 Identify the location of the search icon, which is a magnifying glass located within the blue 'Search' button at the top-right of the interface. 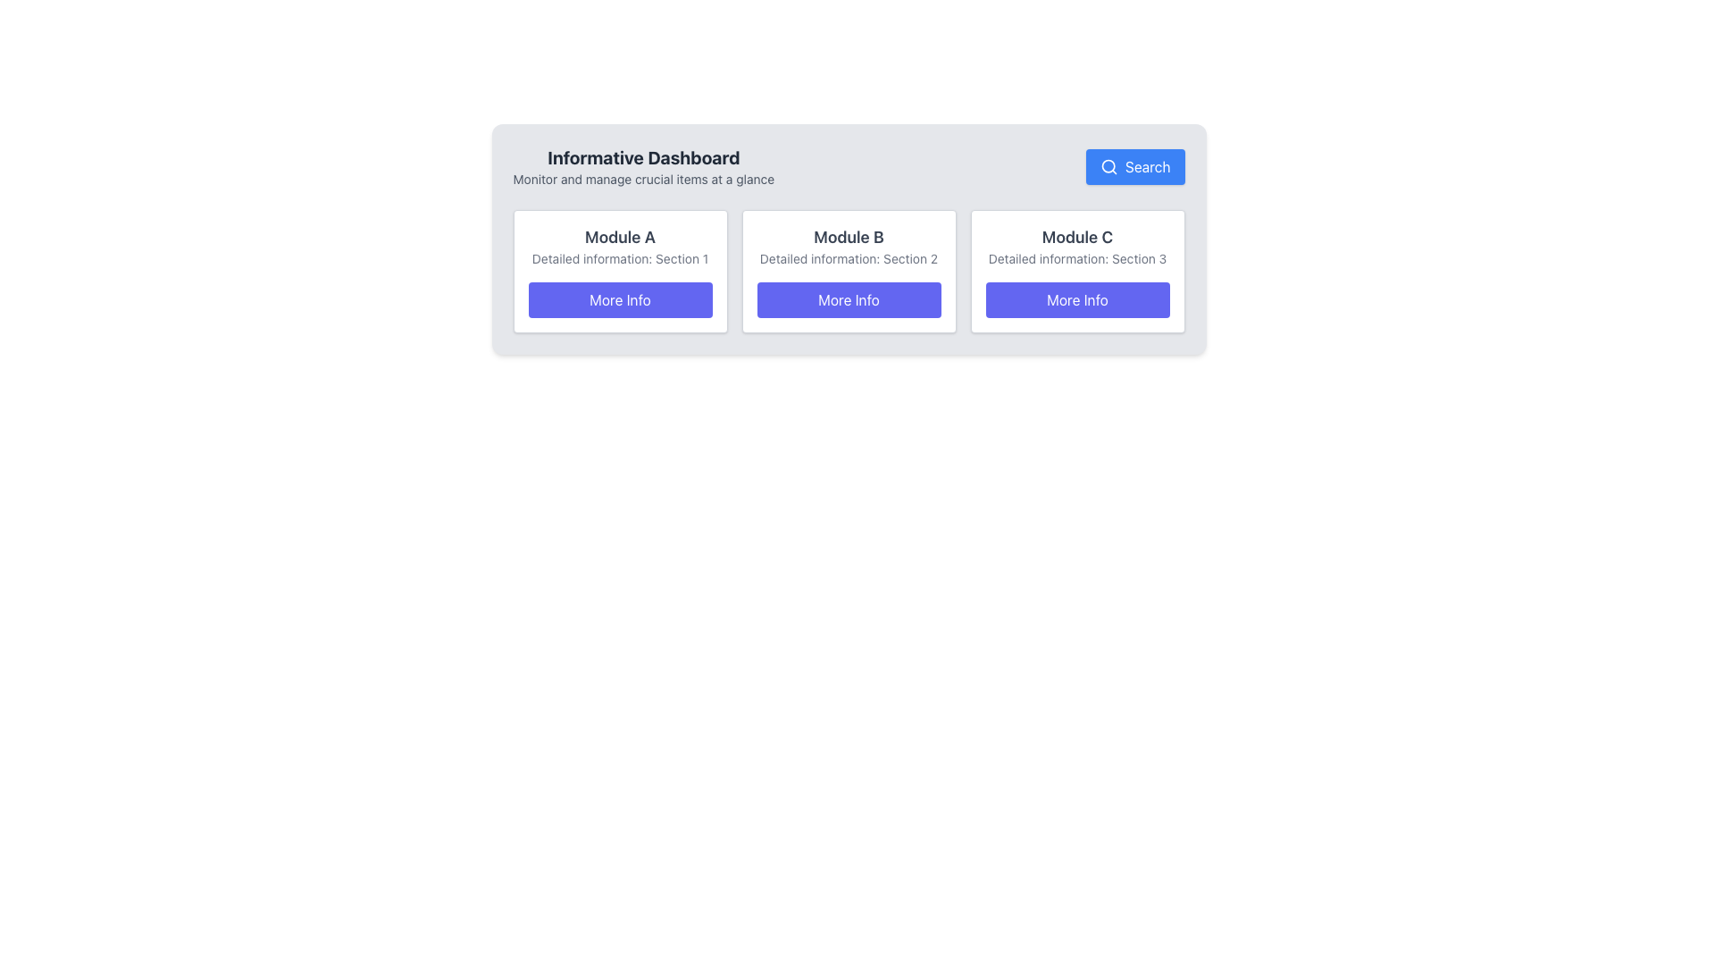
(1108, 166).